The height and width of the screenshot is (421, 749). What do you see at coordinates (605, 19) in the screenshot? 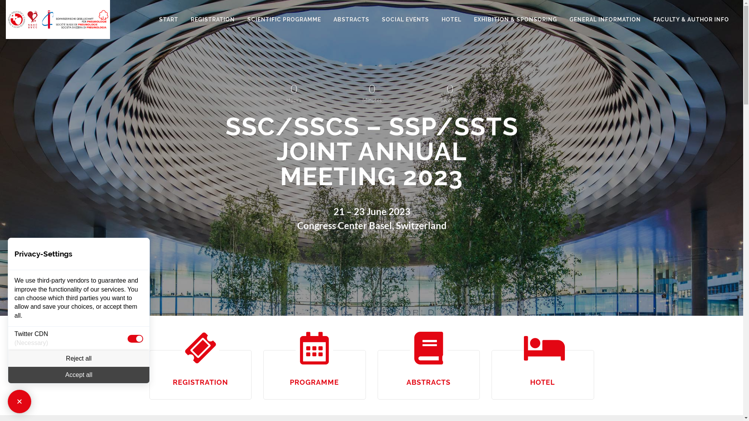
I see `'GENERAL INFORMATION'` at bounding box center [605, 19].